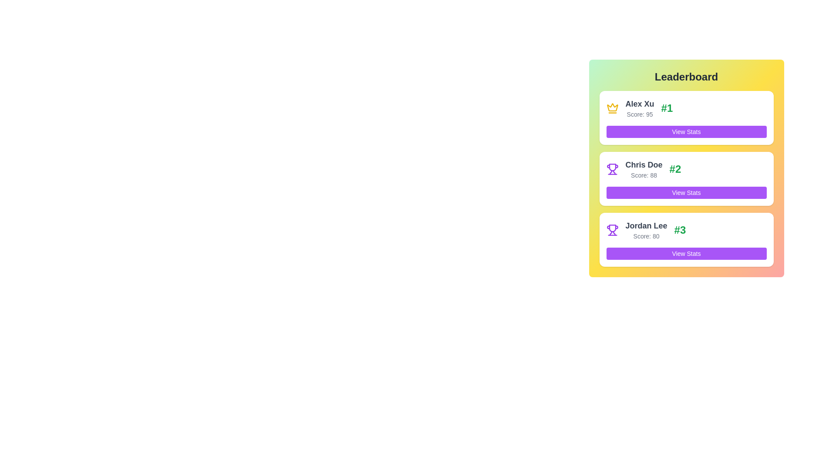 Image resolution: width=836 pixels, height=470 pixels. I want to click on the 'View Stats' button for player Alex Xu, so click(686, 132).